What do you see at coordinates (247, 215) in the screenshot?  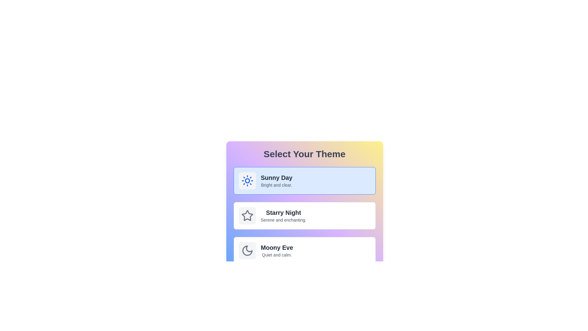 I see `the graphical star icon with a gray outline` at bounding box center [247, 215].